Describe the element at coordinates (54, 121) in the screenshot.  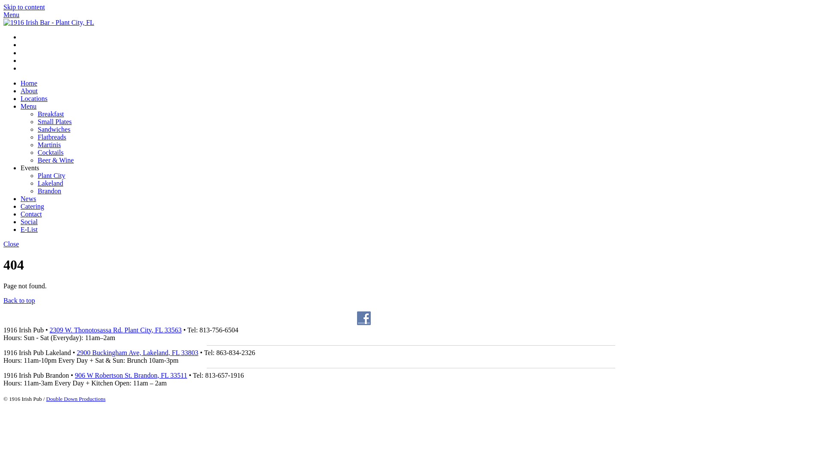
I see `'Small Plates'` at that location.